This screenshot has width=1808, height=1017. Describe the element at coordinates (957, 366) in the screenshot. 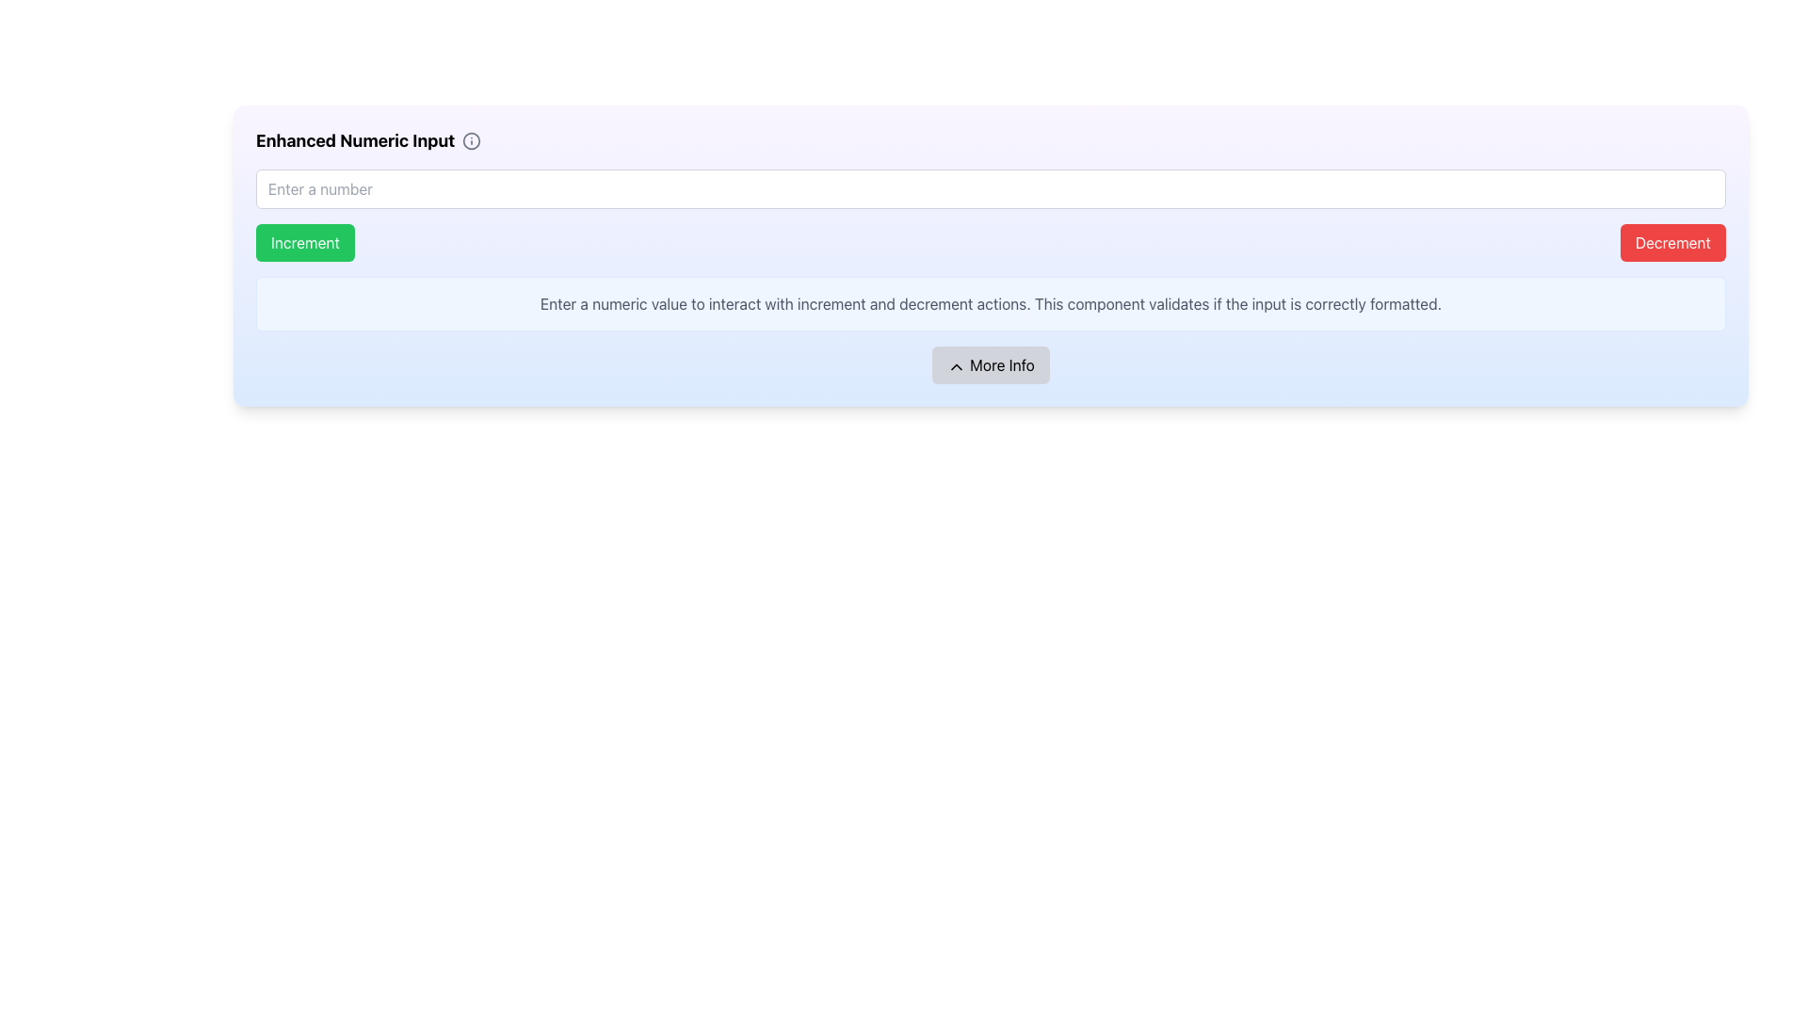

I see `the upward-pointing chevron icon located inside the 'More Info' button` at that location.